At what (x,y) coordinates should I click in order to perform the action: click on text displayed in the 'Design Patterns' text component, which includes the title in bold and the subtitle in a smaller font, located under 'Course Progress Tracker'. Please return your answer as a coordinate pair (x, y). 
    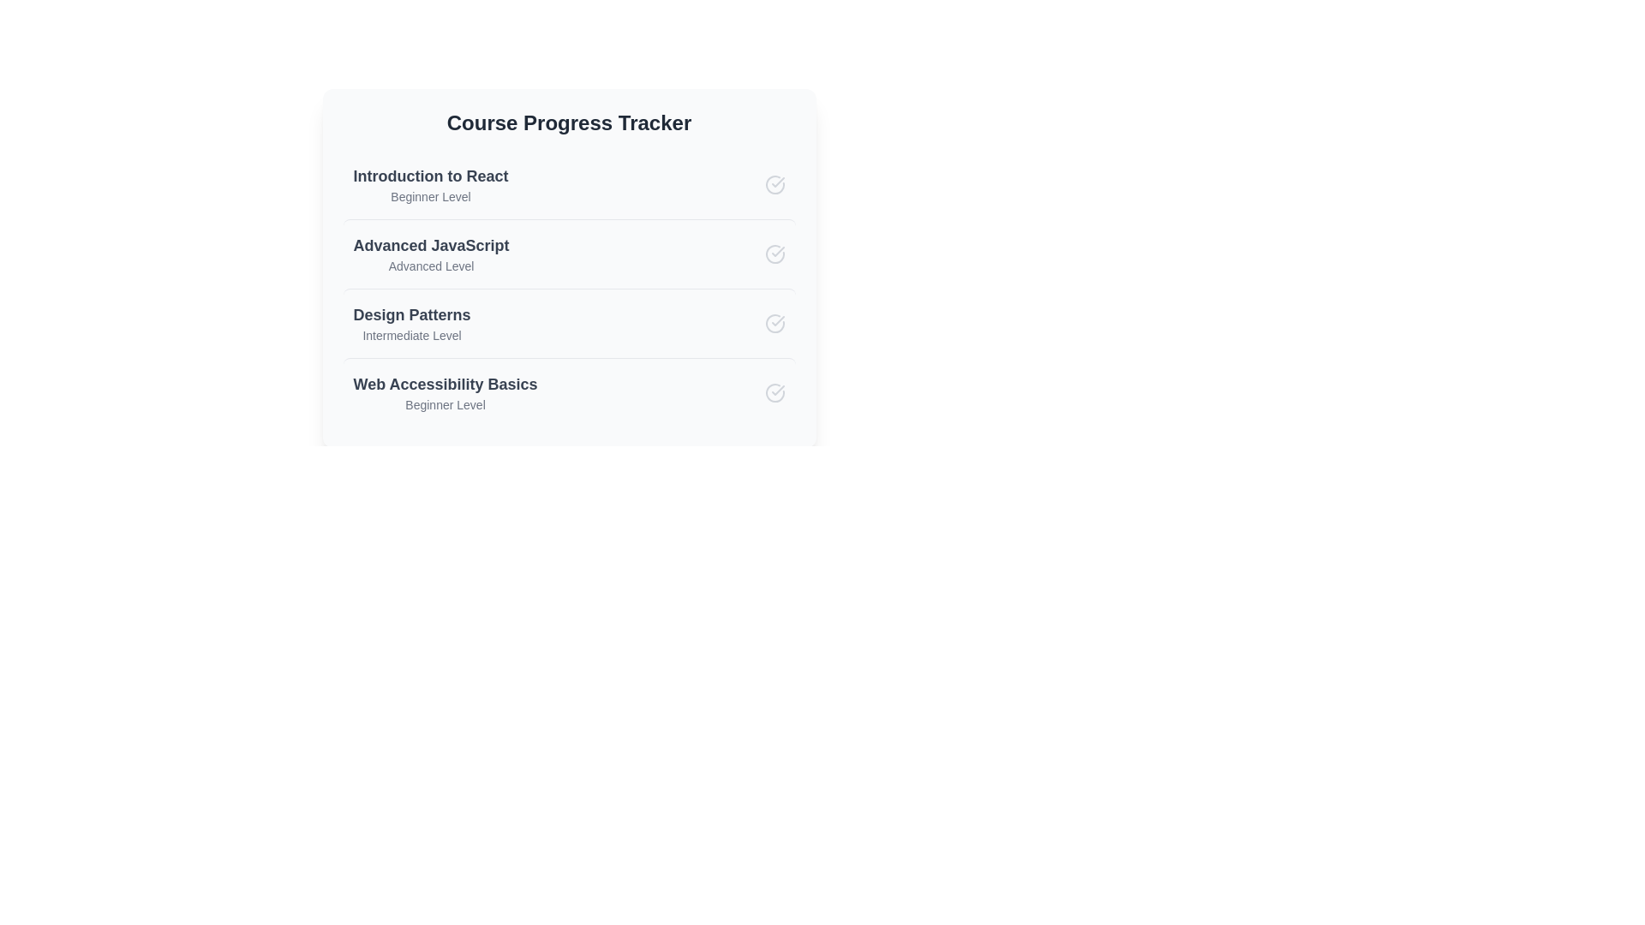
    Looking at the image, I should click on (411, 324).